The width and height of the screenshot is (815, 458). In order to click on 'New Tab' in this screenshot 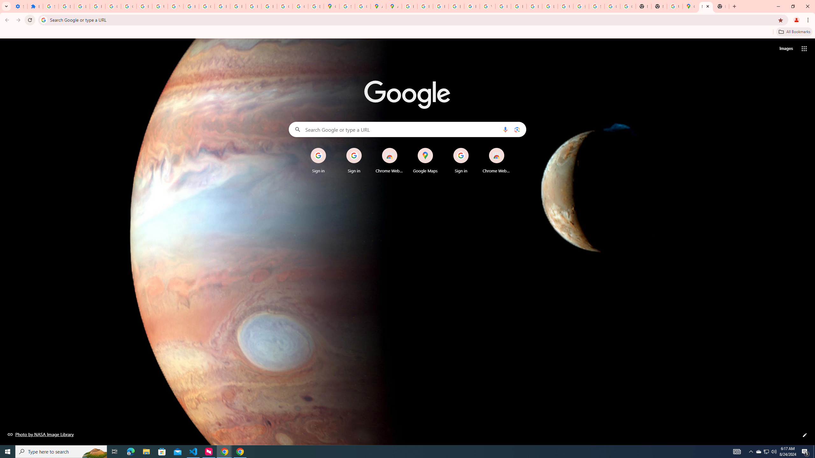, I will do `click(705, 6)`.